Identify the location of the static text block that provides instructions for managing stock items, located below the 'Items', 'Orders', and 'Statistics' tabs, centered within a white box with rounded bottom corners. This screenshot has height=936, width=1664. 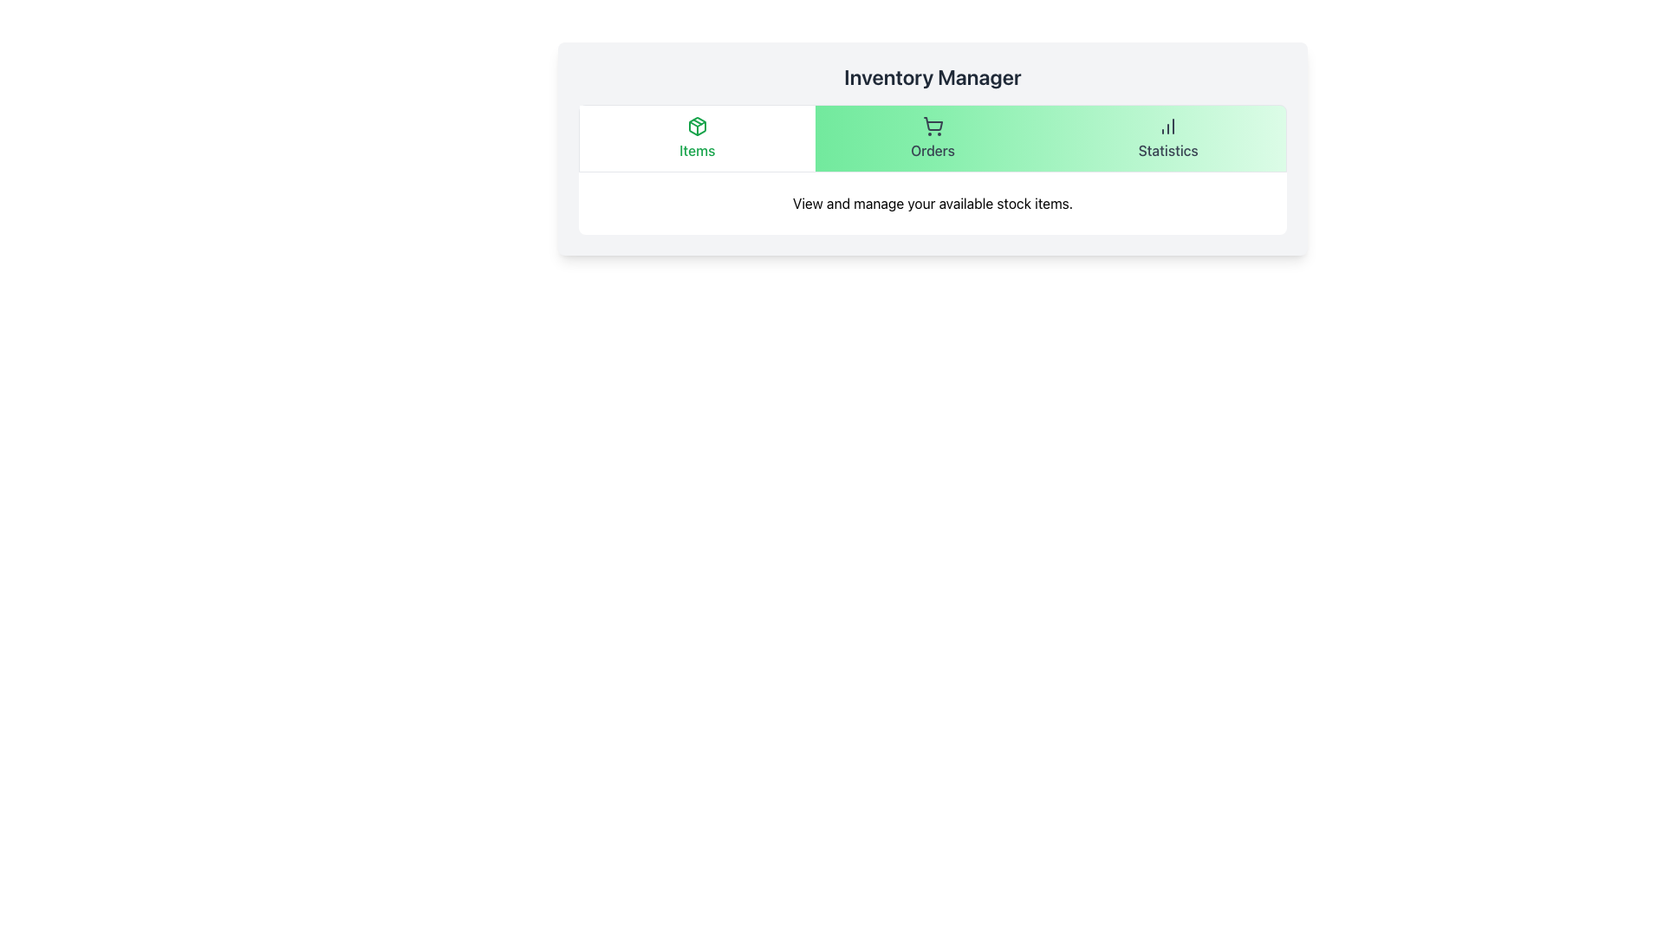
(932, 203).